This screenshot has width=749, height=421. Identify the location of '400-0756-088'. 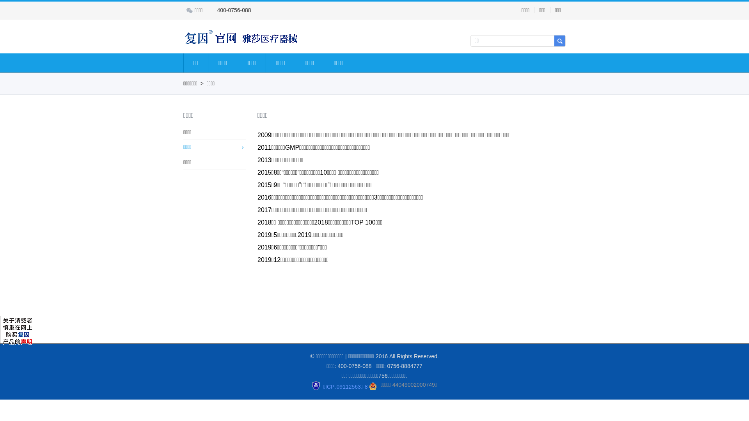
(229, 10).